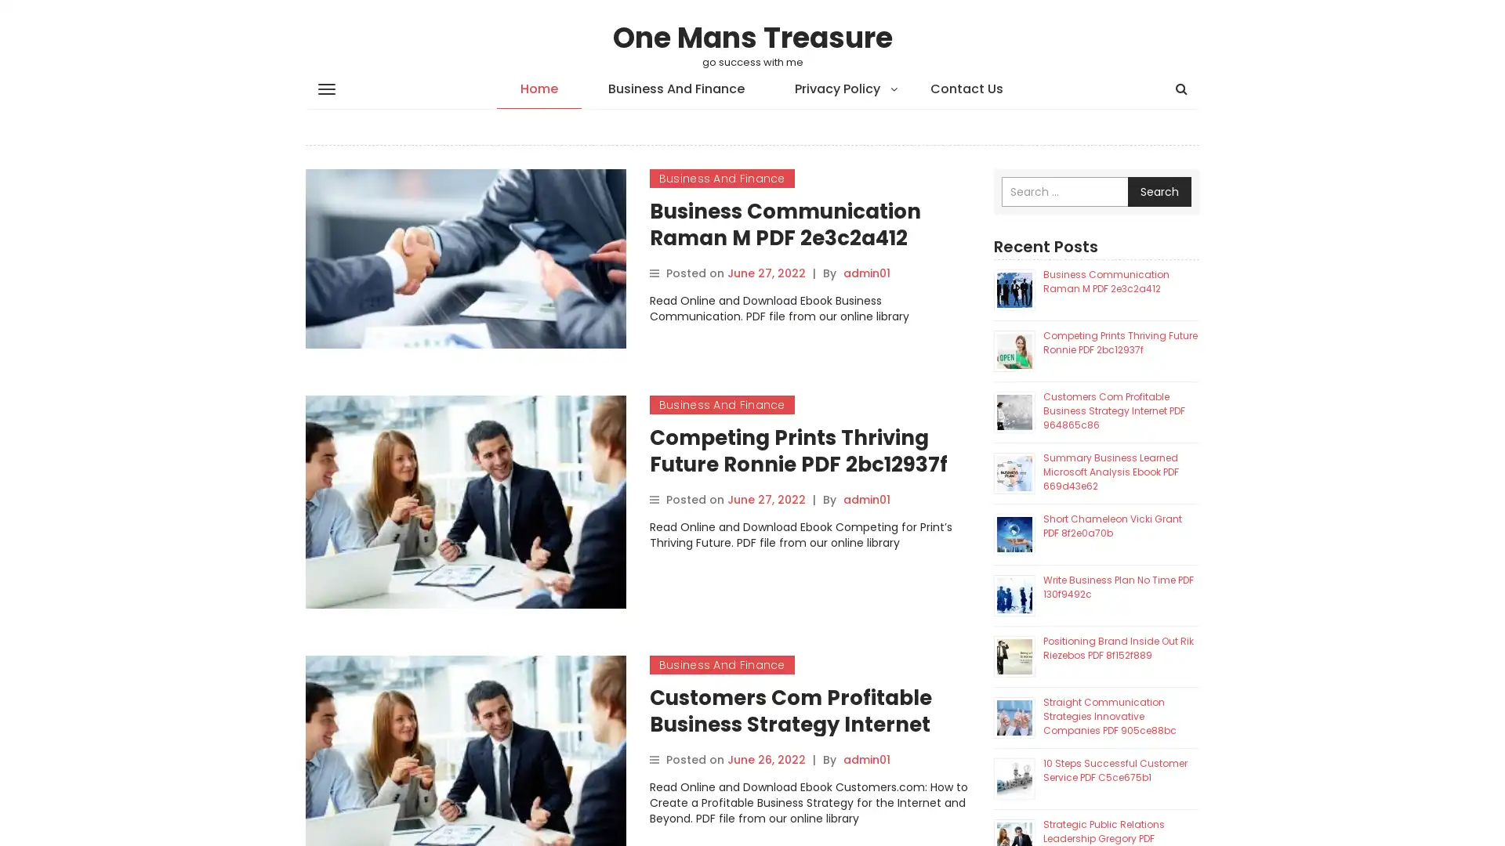 The width and height of the screenshot is (1505, 846). I want to click on Search, so click(1159, 191).